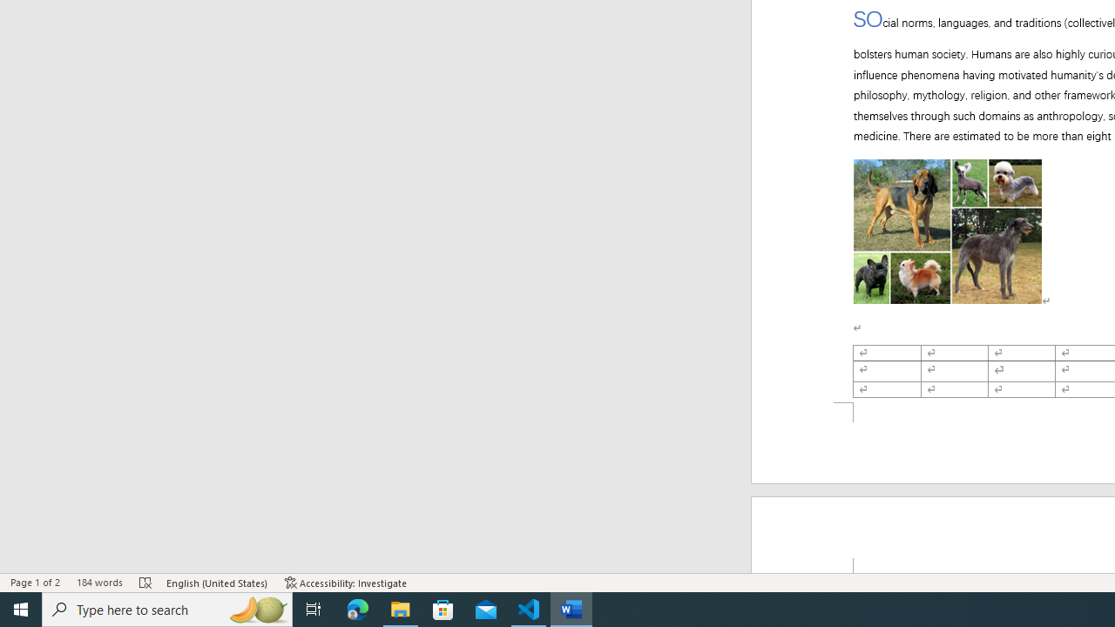 This screenshot has height=627, width=1115. I want to click on 'Word - 1 running window', so click(571, 608).